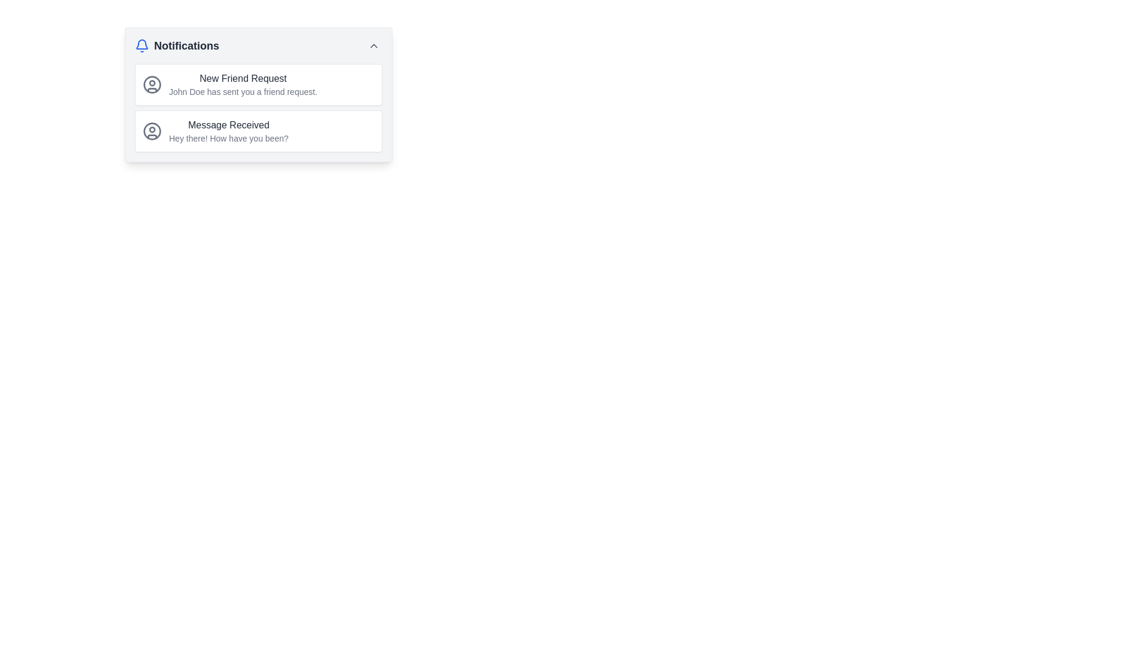  What do you see at coordinates (142, 45) in the screenshot?
I see `the blue bell icon located to the left of the 'Notifications' text in the header section of the notification panel` at bounding box center [142, 45].